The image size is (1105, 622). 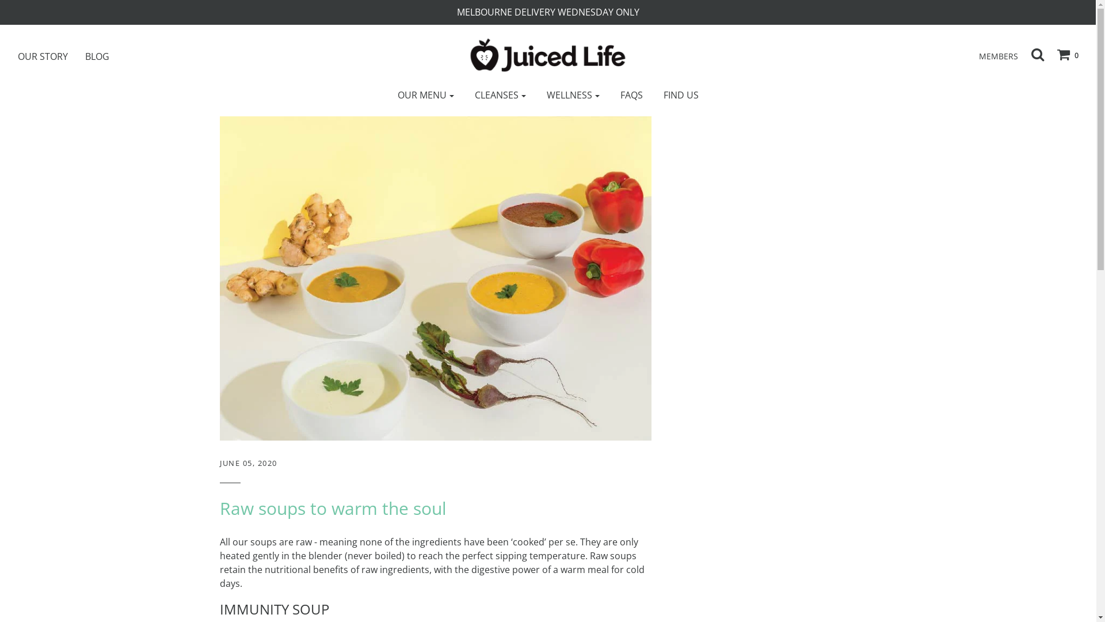 I want to click on 'FIND US', so click(x=681, y=94).